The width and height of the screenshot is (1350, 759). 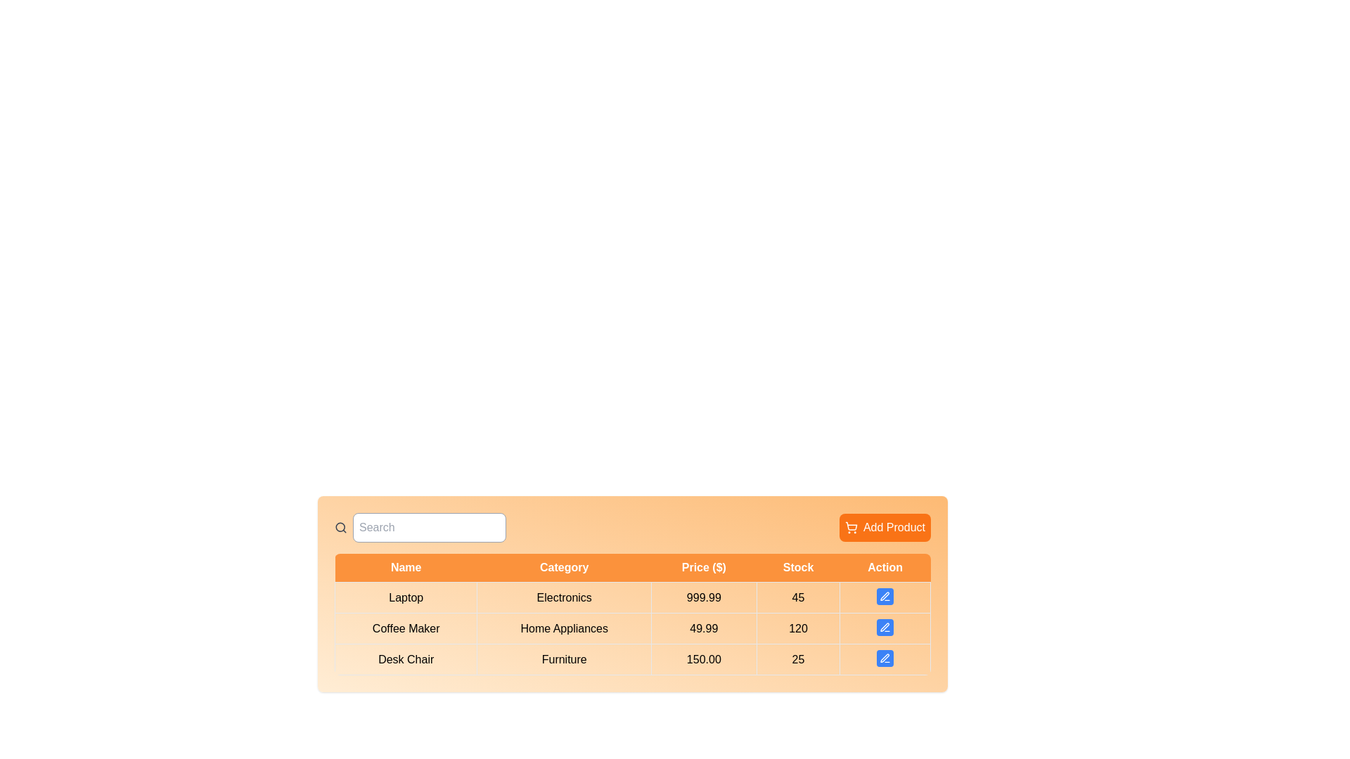 What do you see at coordinates (885, 567) in the screenshot?
I see `text label displaying 'Action' in white font over an orange background, located in the top-right corner of the table header row` at bounding box center [885, 567].